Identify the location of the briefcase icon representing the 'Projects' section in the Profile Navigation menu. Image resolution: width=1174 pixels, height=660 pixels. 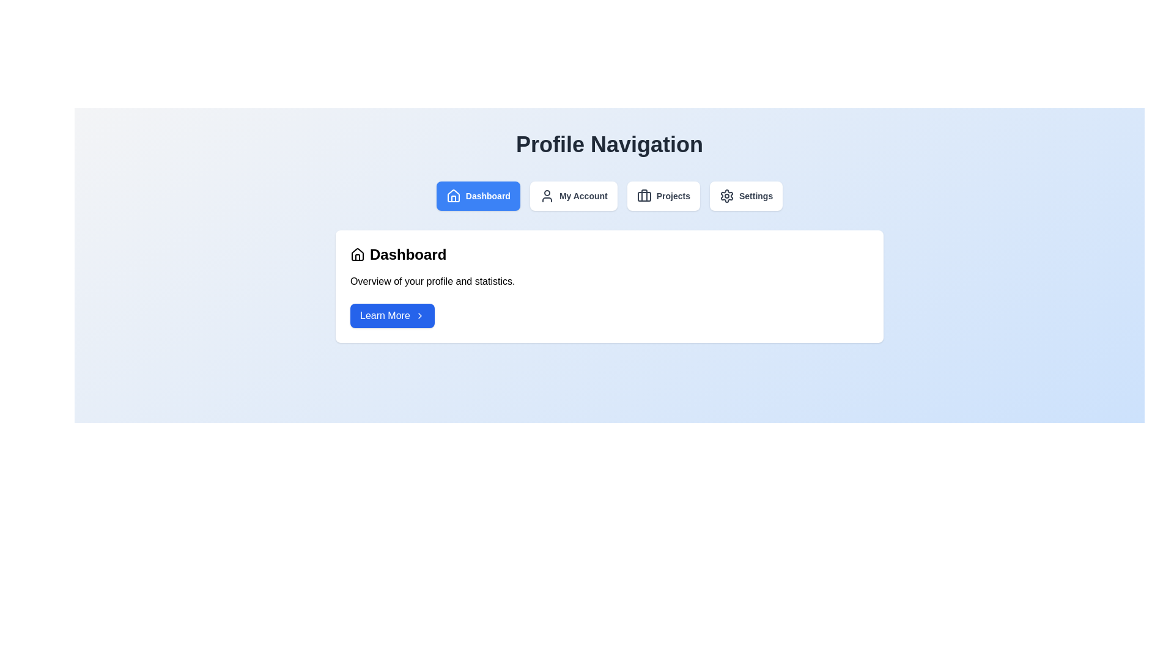
(643, 195).